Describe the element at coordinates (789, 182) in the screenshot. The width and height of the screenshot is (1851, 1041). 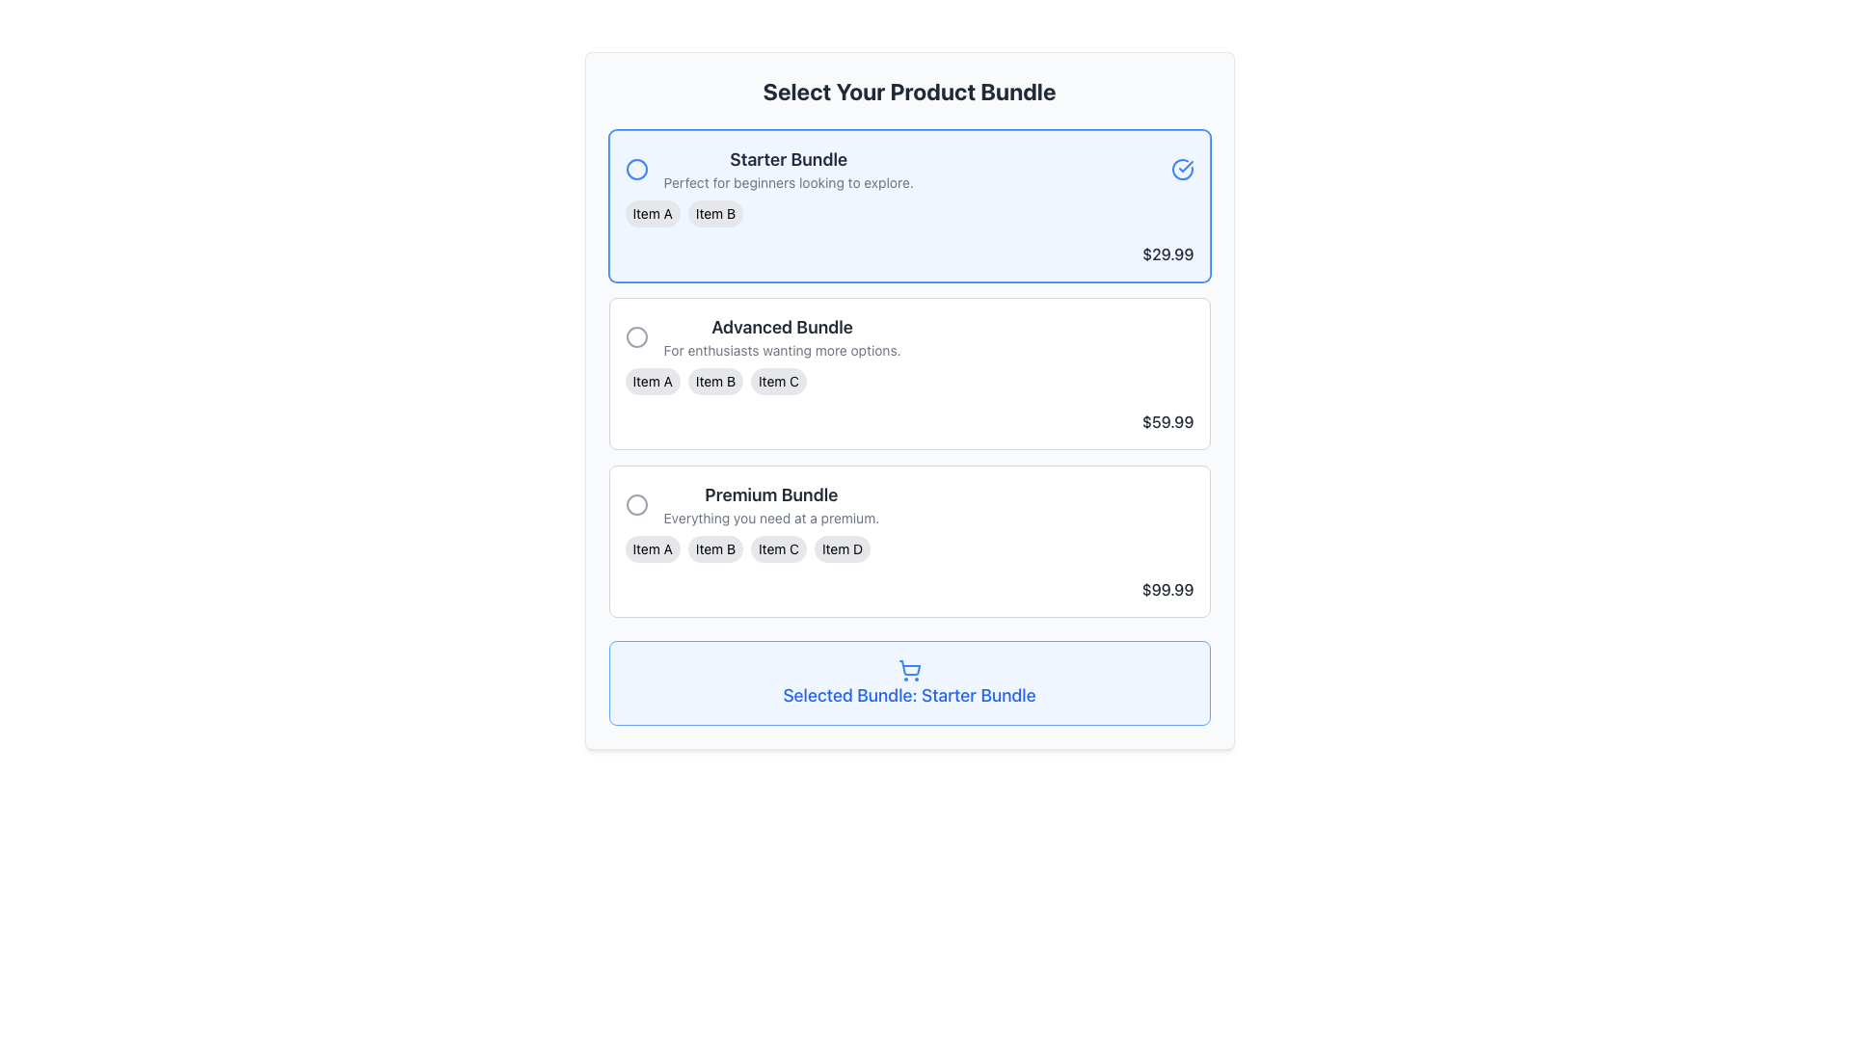
I see `informational text 'Perfect for beginners looking to explore.' located below the 'Starter Bundle' heading in the first selection card` at that location.